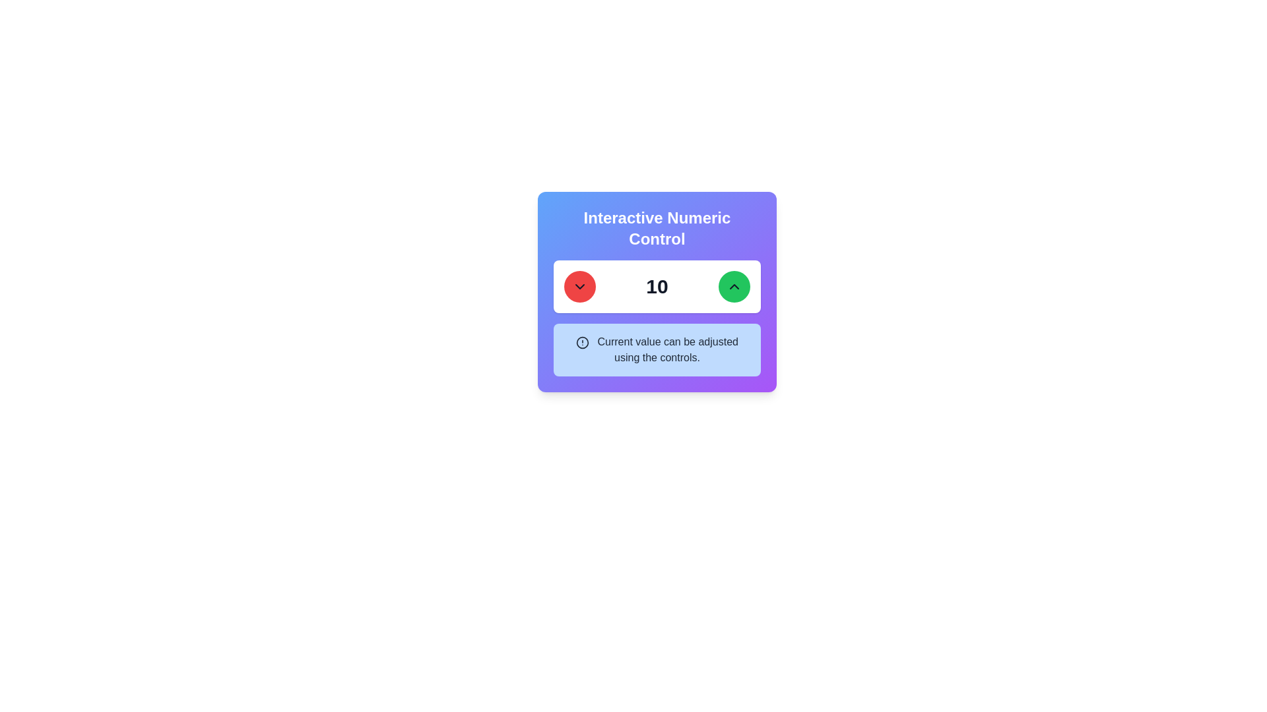  Describe the element at coordinates (582, 341) in the screenshot. I see `the circular notification icon located at the bottom section of the panel, which signifies relevant or informative content` at that location.